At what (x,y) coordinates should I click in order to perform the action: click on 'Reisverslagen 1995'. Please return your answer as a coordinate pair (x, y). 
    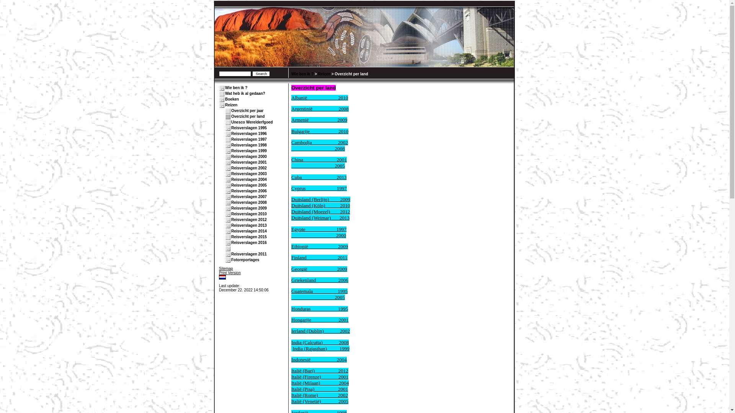
    Looking at the image, I should click on (249, 127).